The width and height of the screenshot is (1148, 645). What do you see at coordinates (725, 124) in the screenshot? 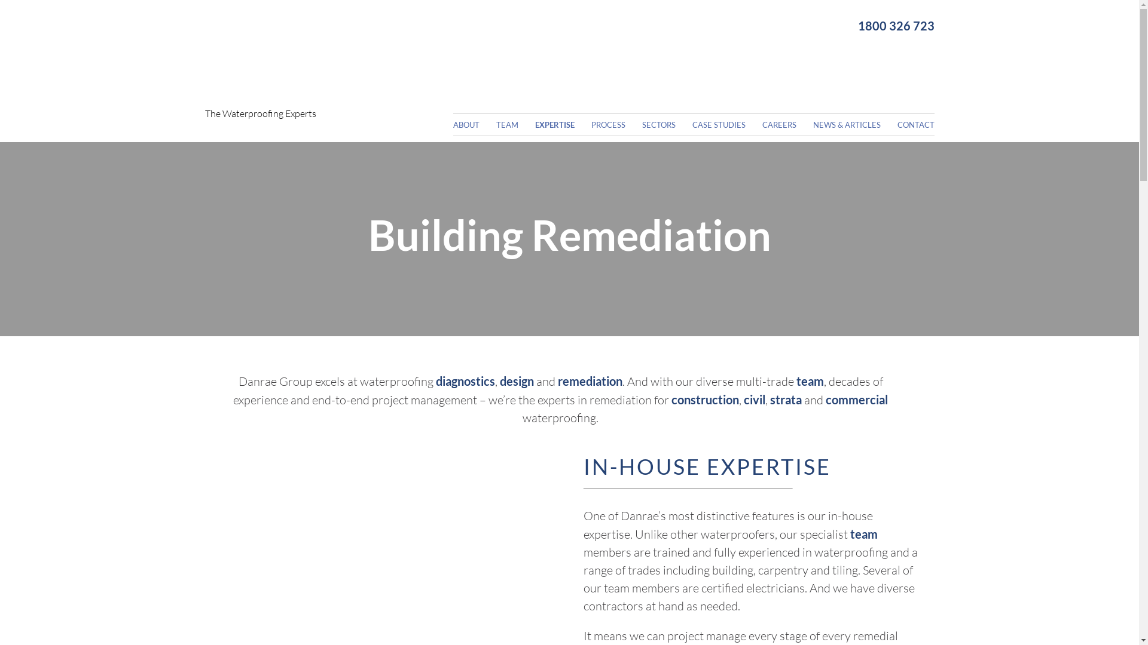
I see `'CASE STUDIES'` at bounding box center [725, 124].